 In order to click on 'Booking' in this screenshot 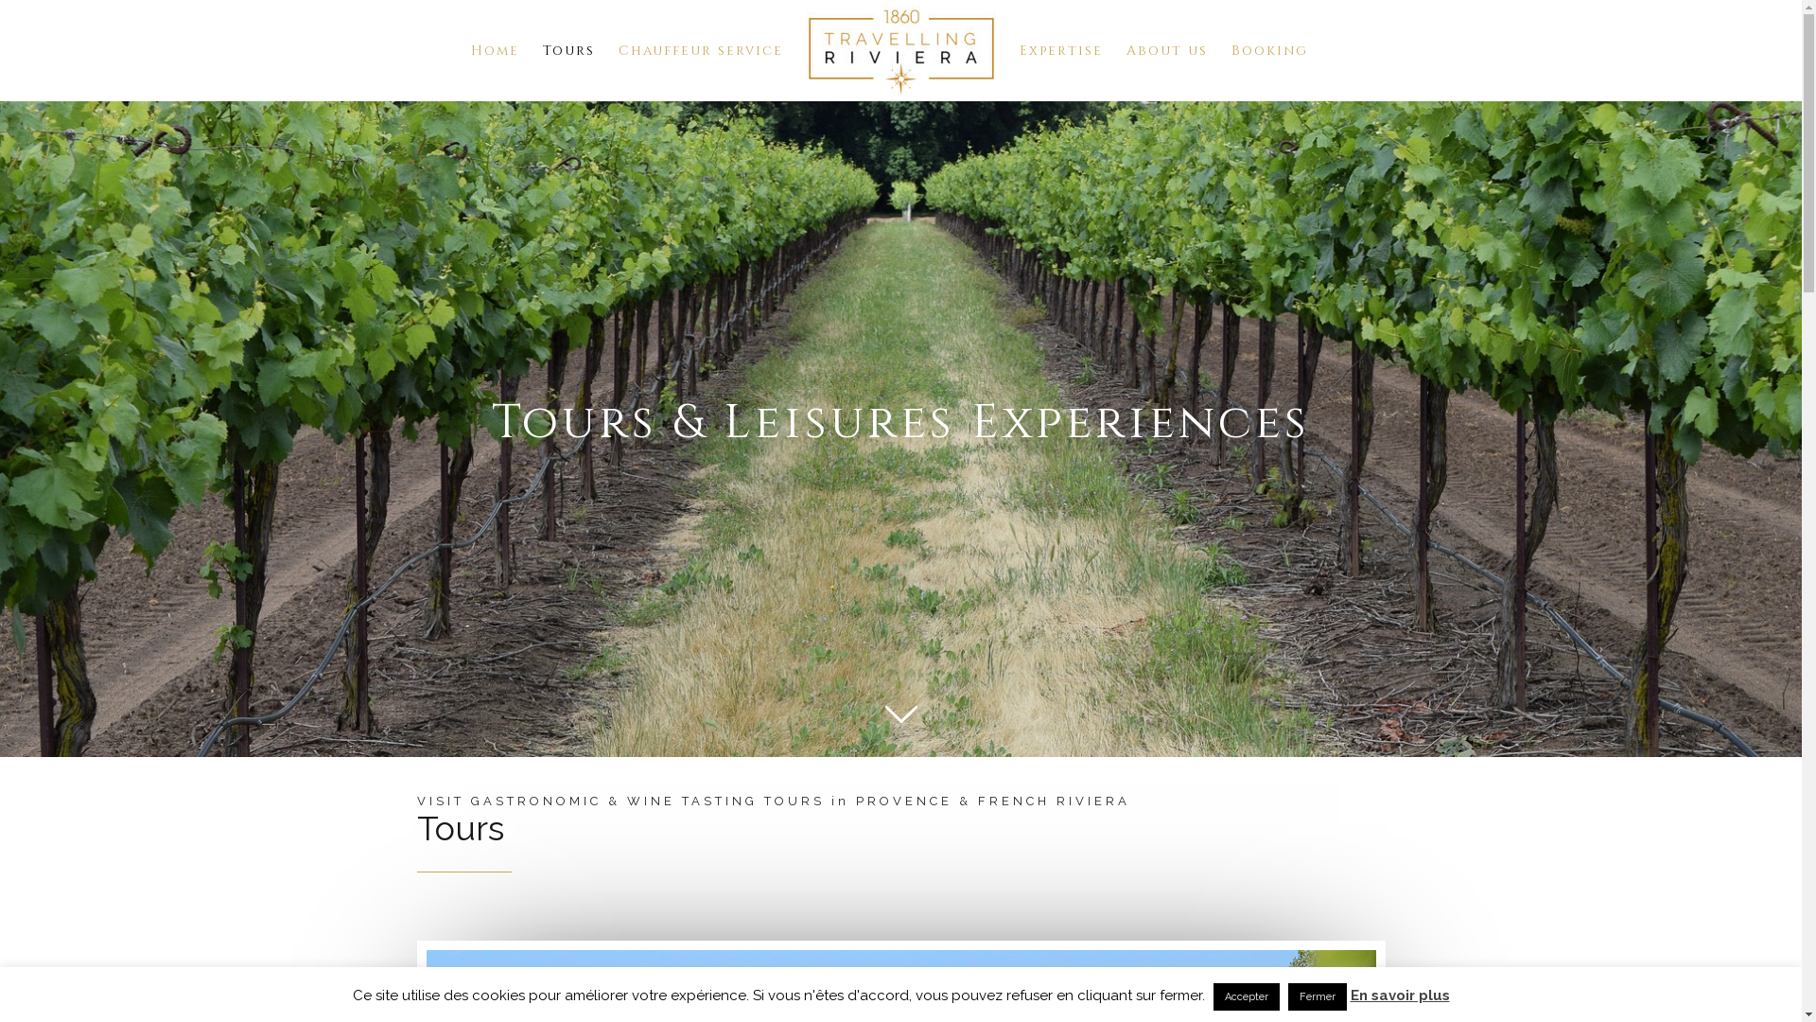, I will do `click(1231, 50)`.